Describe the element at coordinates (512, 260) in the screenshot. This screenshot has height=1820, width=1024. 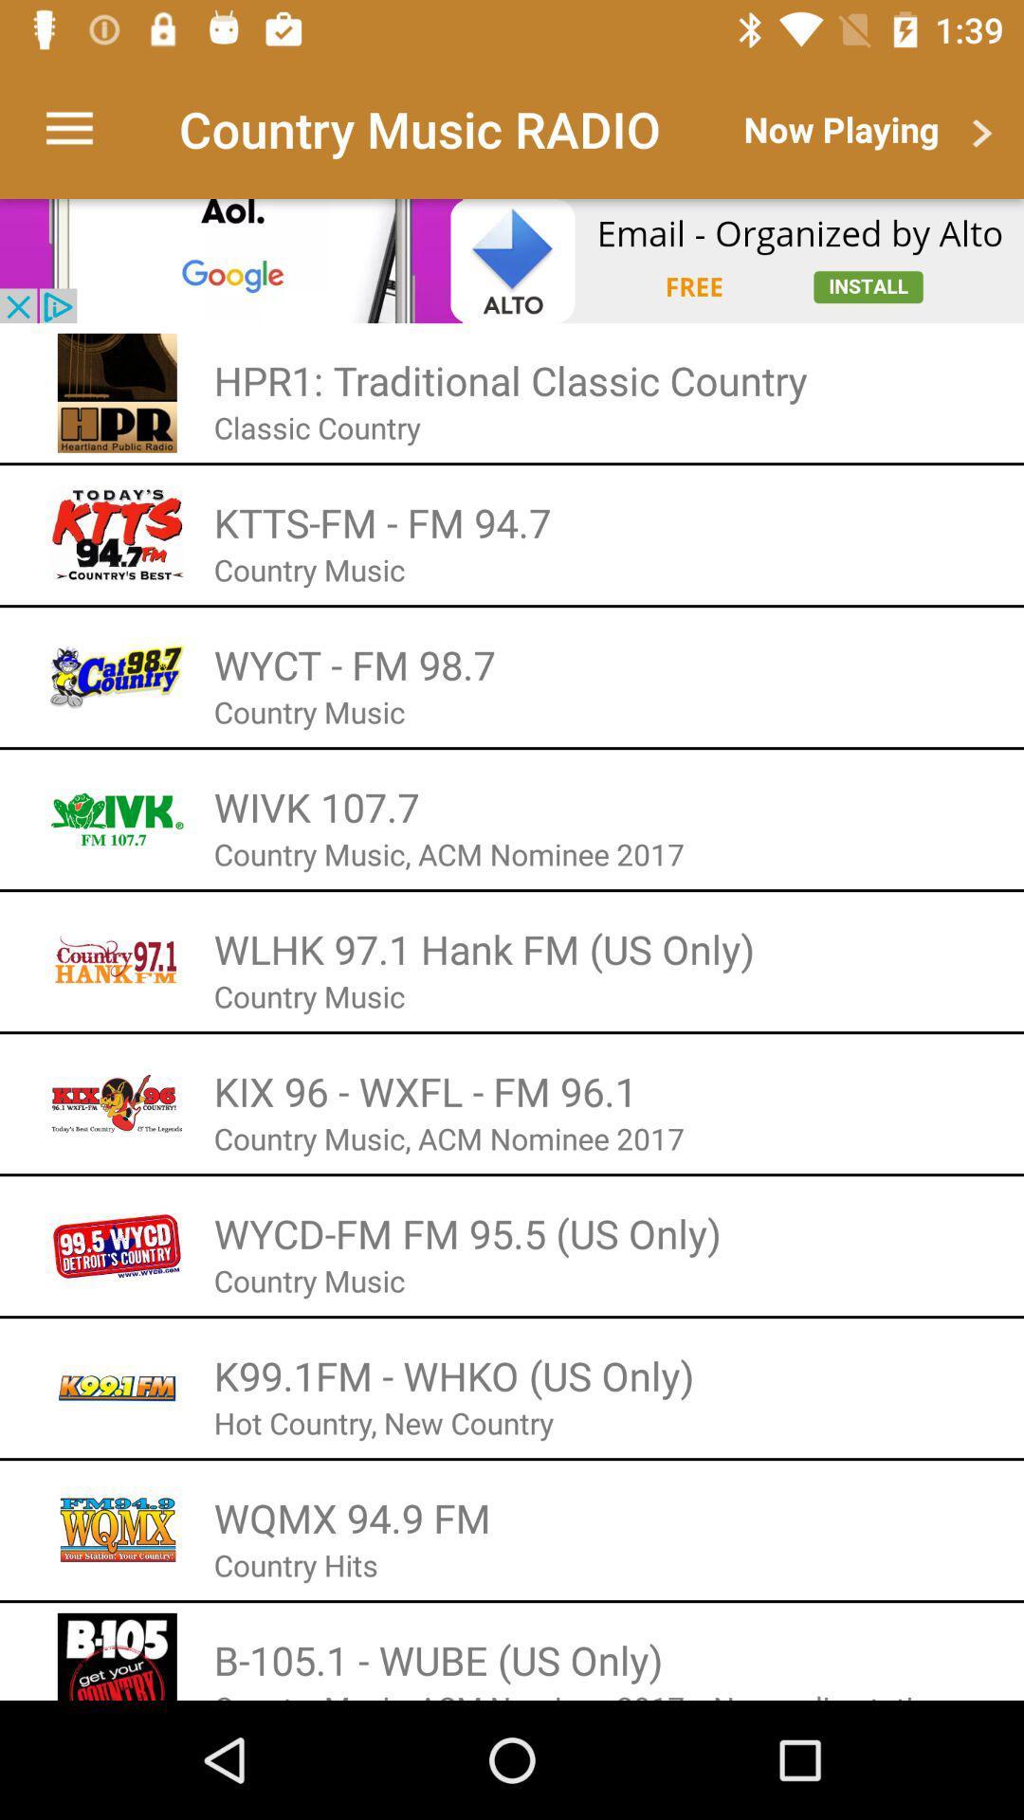
I see `open advertisement` at that location.